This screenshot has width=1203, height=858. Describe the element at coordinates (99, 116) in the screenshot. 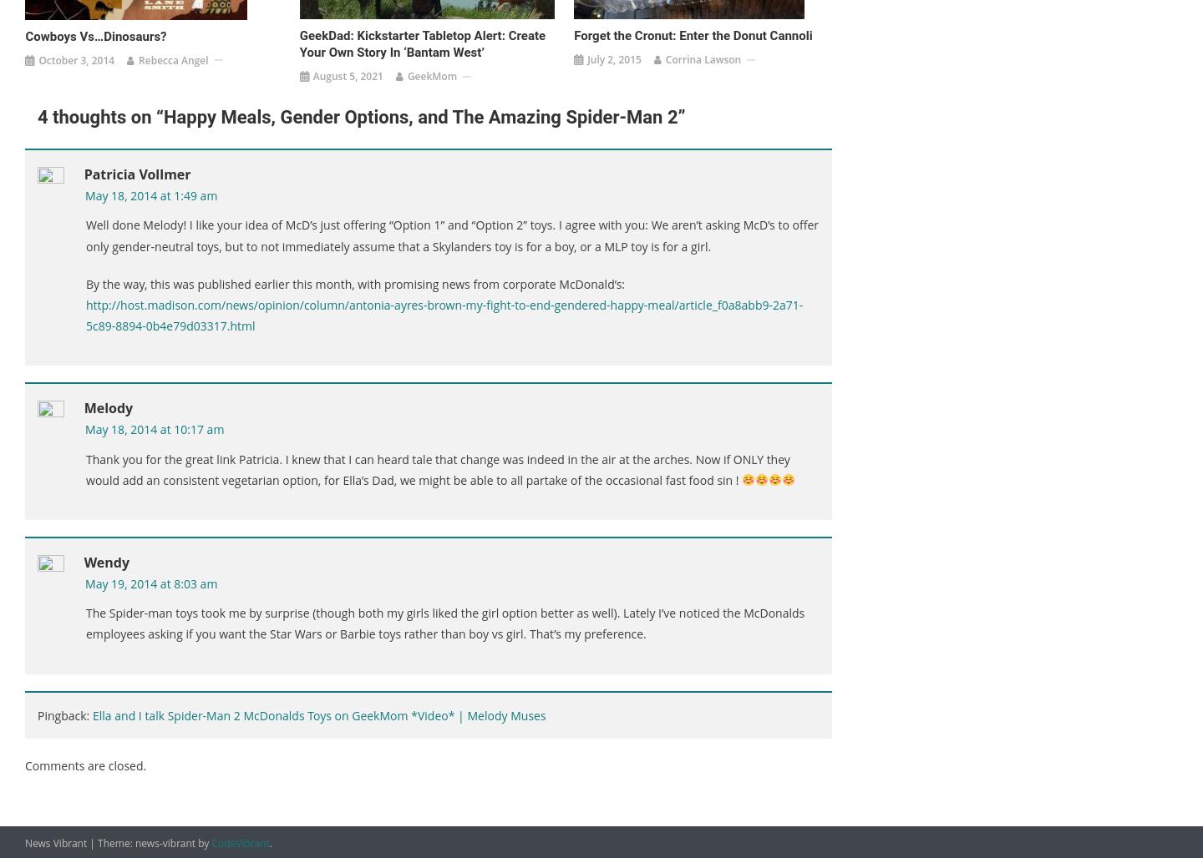

I see `'4 thoughts on “'` at that location.